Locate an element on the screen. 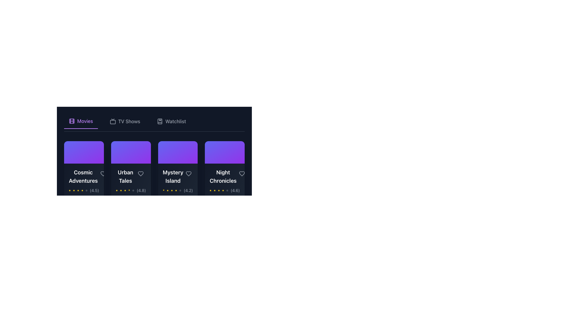 The height and width of the screenshot is (323, 575). the first star icon in the rating display associated with the 'Night Chronicles' title is located at coordinates (211, 190).